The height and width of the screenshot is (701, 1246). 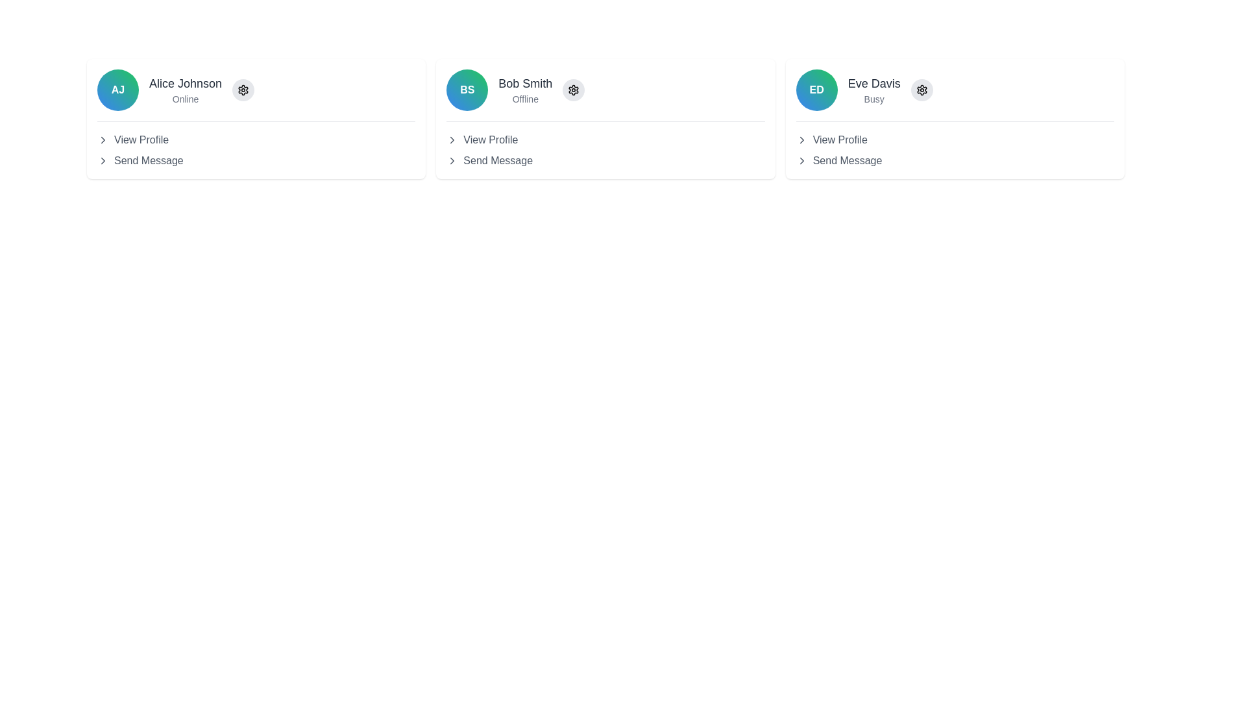 I want to click on the text display component showing 'Eve Davis' and 'Busy', so click(x=874, y=89).